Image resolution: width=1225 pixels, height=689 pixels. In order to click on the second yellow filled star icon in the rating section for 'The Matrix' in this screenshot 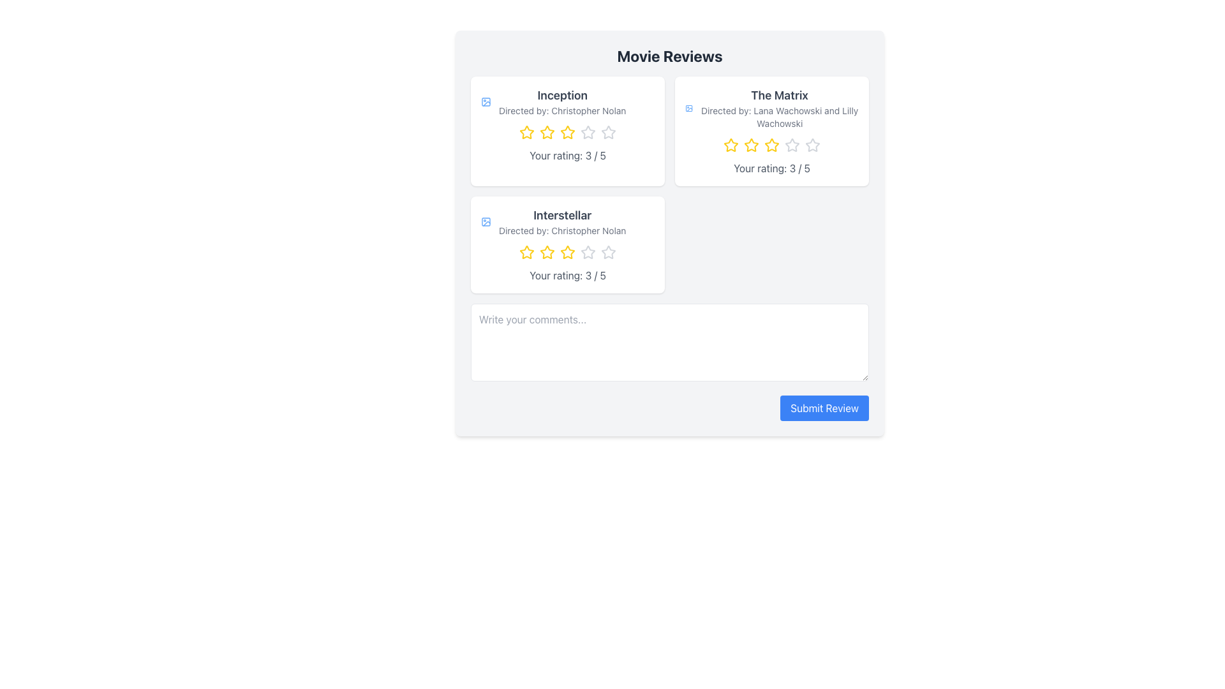, I will do `click(751, 144)`.